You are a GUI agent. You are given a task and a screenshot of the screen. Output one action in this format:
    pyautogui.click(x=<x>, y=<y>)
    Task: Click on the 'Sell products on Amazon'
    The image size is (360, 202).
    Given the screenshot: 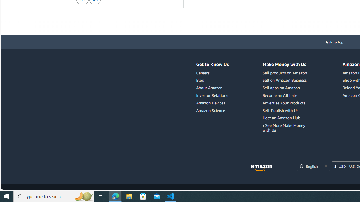 What is the action you would take?
    pyautogui.click(x=285, y=72)
    